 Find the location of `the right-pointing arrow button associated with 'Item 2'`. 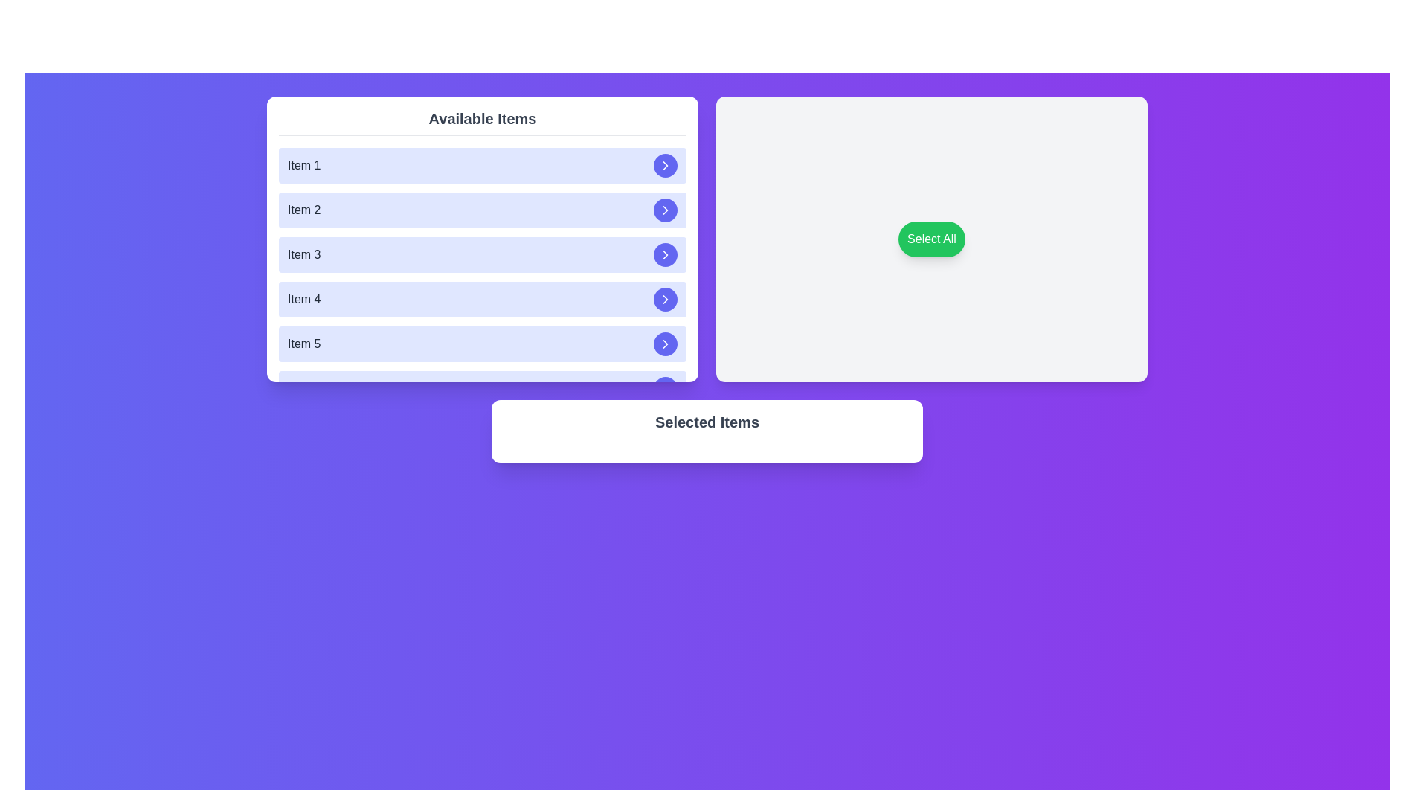

the right-pointing arrow button associated with 'Item 2' is located at coordinates (664, 210).